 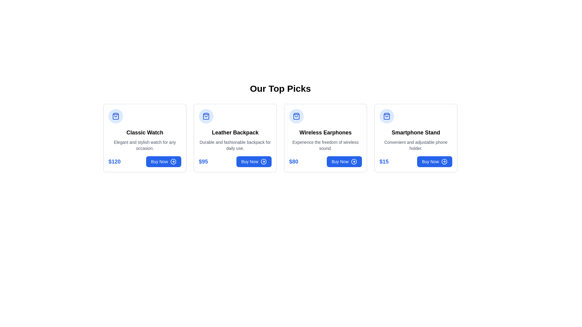 I want to click on the decorative icon located at the top section of the 'Smartphone Stand' card, centered horizontally above the title text, so click(x=386, y=116).